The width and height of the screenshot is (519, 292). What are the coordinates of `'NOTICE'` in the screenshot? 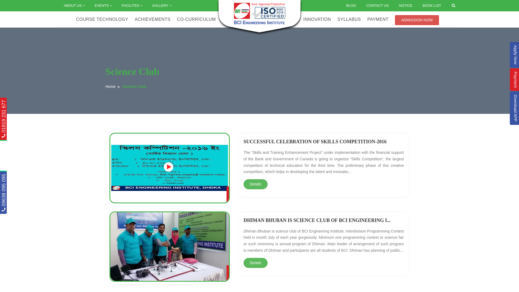 It's located at (405, 5).